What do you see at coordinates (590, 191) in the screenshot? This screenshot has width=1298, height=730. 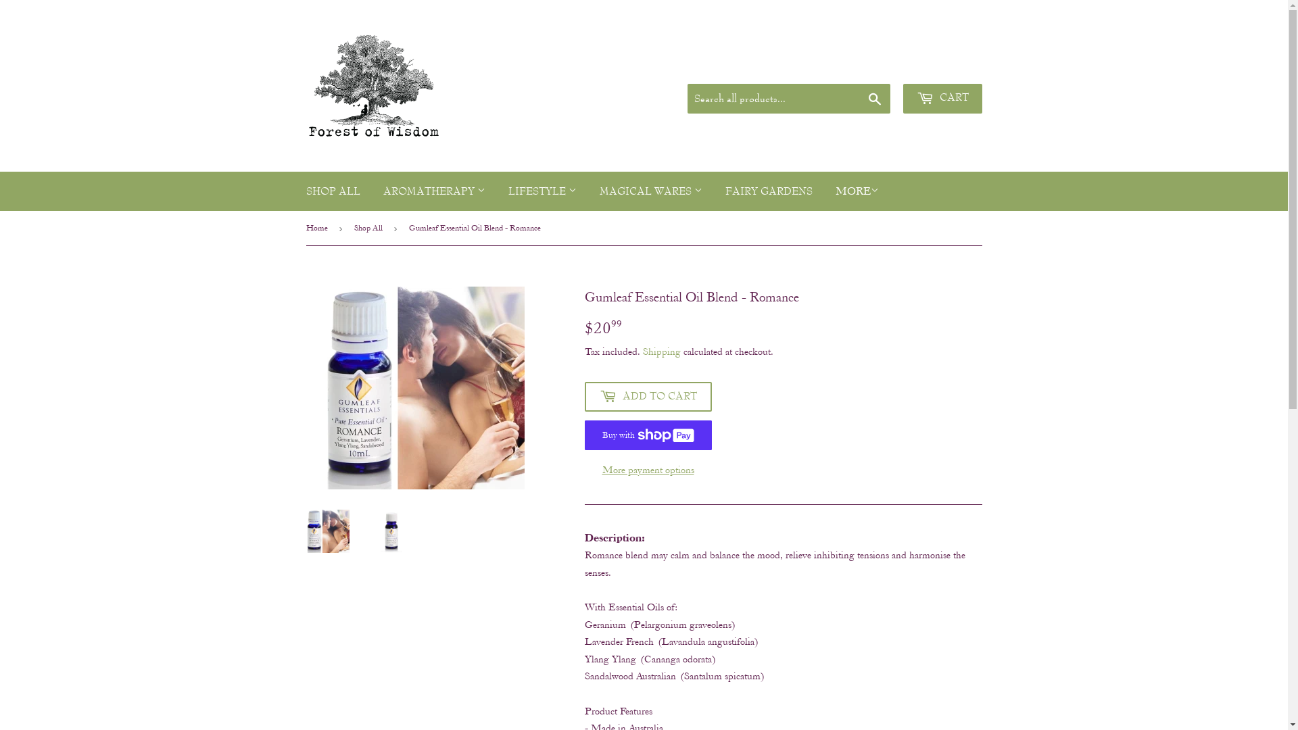 I see `'MAGICAL WARES'` at bounding box center [590, 191].